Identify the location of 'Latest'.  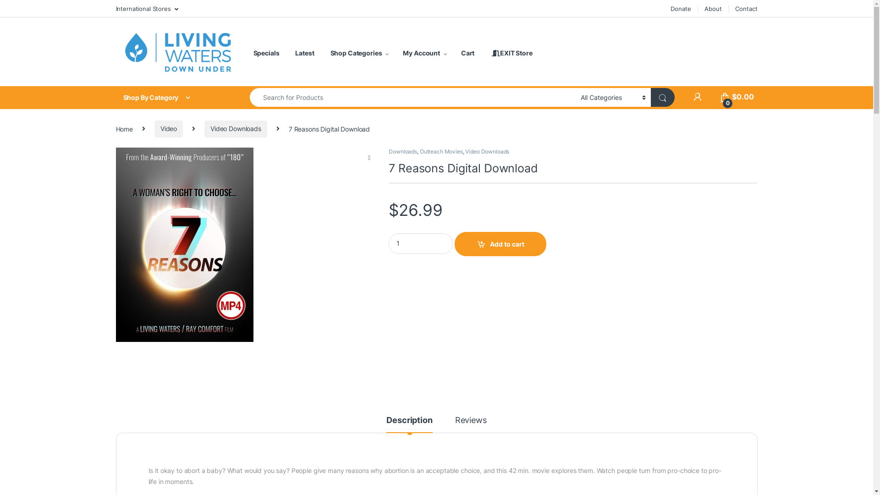
(304, 53).